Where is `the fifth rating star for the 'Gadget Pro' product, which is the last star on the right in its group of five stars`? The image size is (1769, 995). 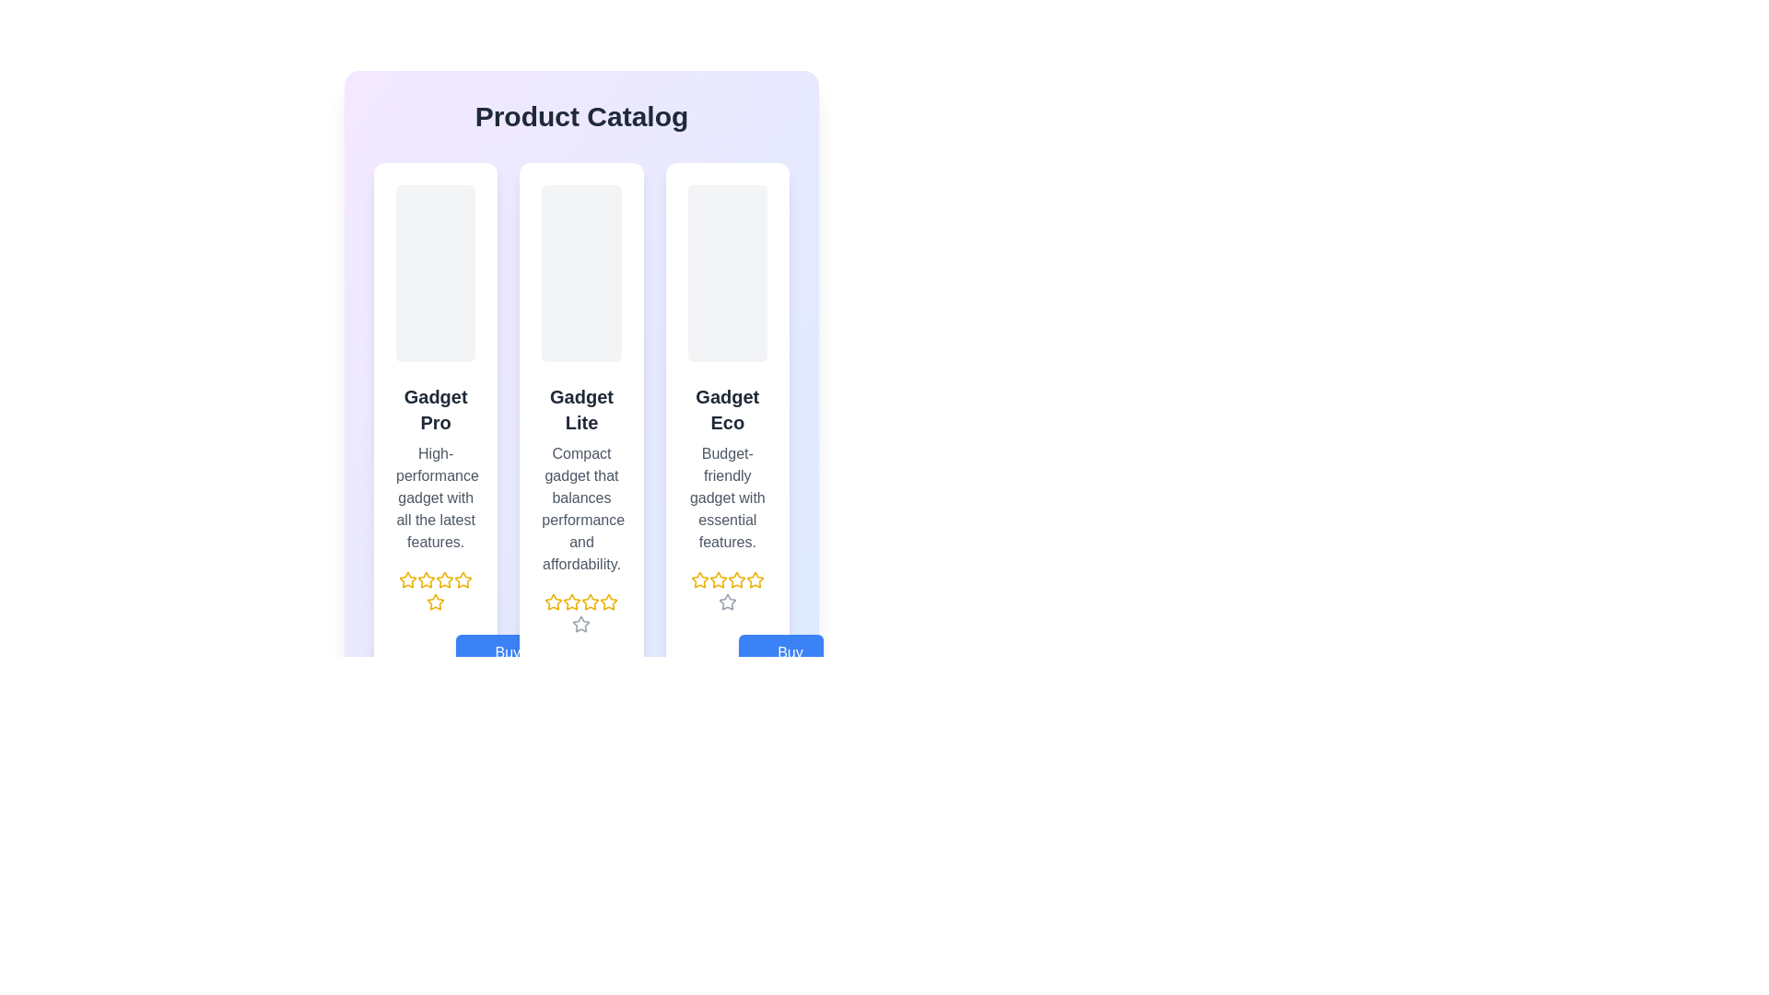
the fifth rating star for the 'Gadget Pro' product, which is the last star on the right in its group of five stars is located at coordinates (445, 579).